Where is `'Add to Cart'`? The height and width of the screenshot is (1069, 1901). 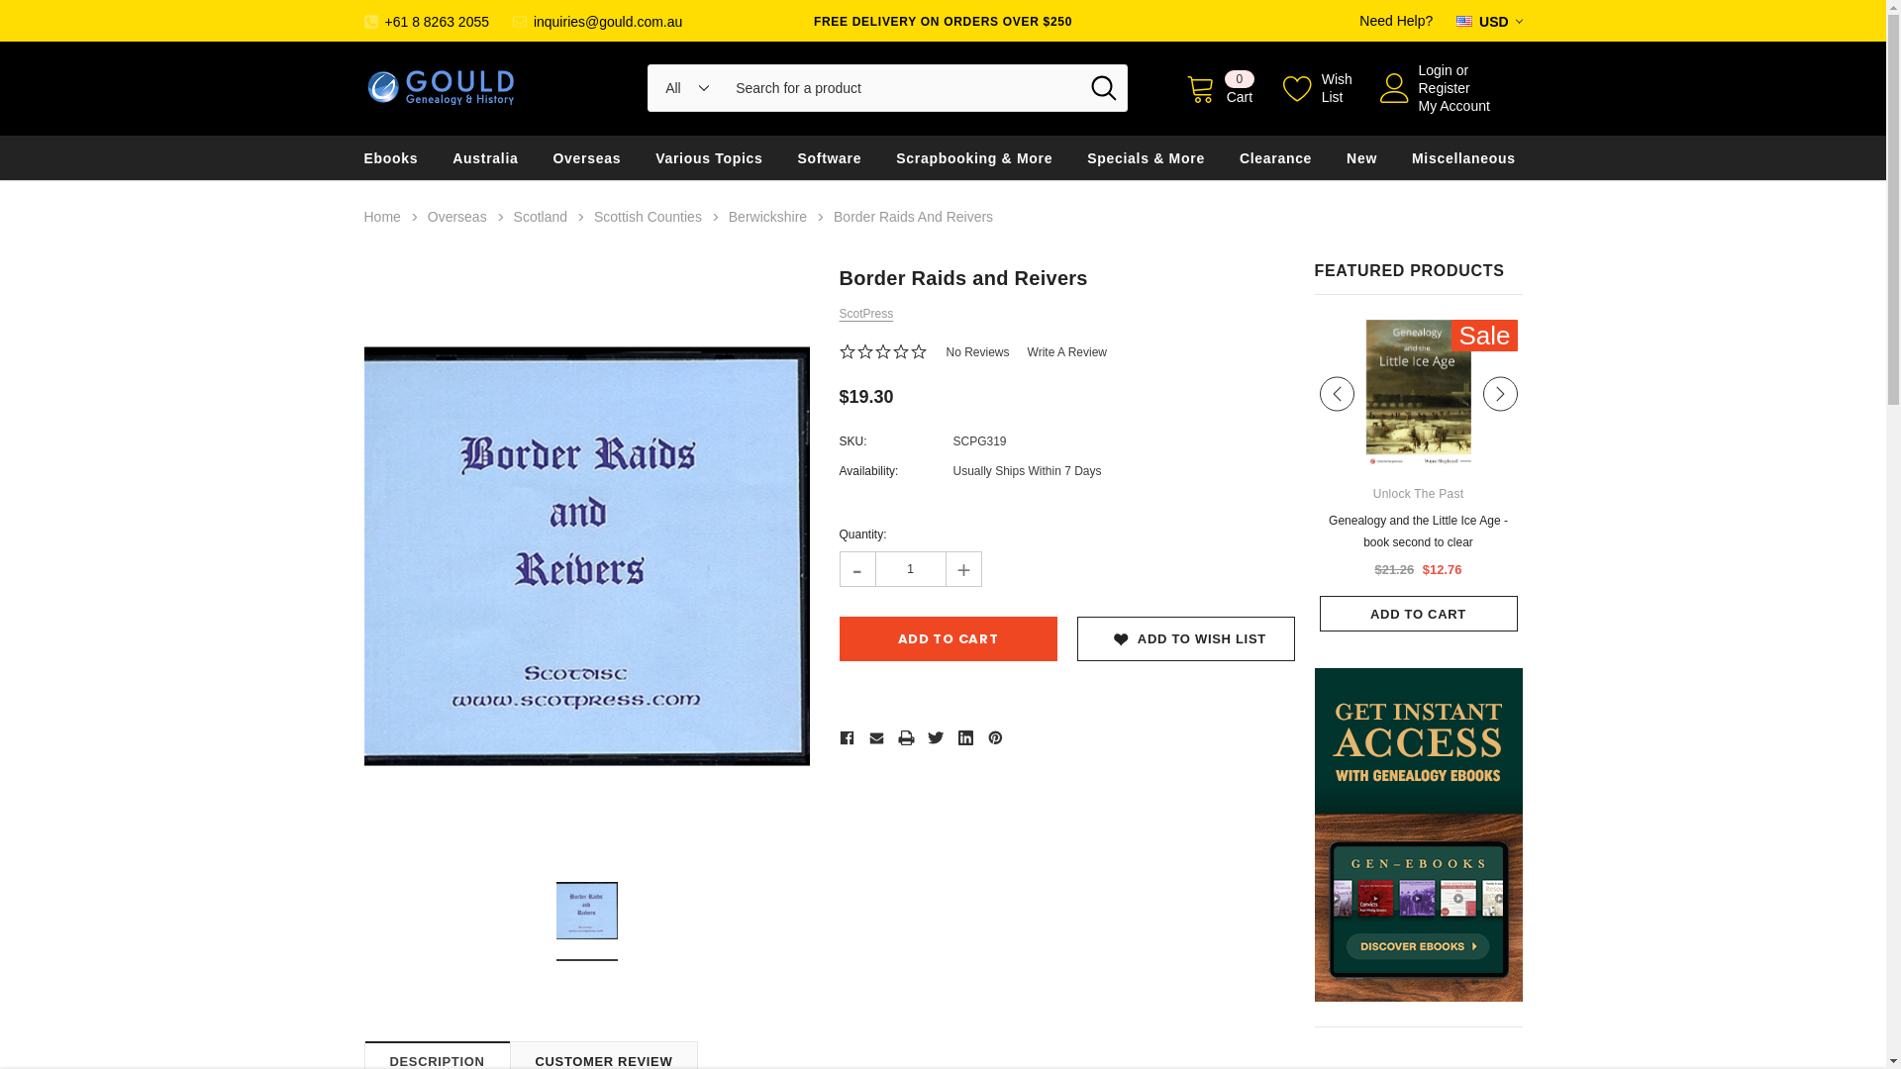
'Add to Cart' is located at coordinates (840, 638).